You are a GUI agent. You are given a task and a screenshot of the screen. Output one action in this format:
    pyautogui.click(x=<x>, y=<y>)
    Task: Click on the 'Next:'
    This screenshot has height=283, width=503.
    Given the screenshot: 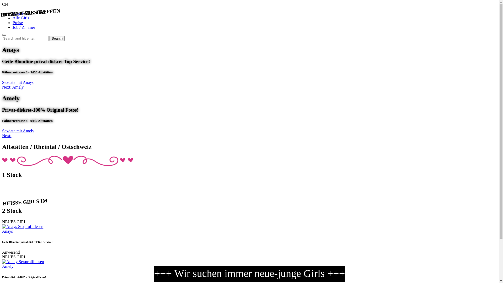 What is the action you would take?
    pyautogui.click(x=2, y=135)
    